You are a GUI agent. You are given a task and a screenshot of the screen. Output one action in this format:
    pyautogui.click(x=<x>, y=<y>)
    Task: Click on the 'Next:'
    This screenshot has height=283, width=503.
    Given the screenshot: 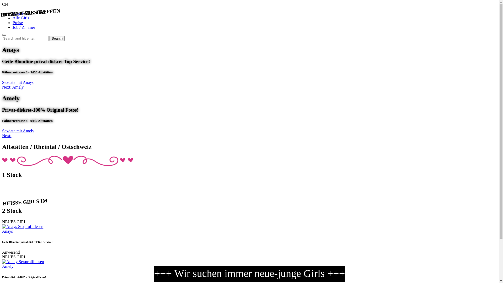 What is the action you would take?
    pyautogui.click(x=2, y=135)
    